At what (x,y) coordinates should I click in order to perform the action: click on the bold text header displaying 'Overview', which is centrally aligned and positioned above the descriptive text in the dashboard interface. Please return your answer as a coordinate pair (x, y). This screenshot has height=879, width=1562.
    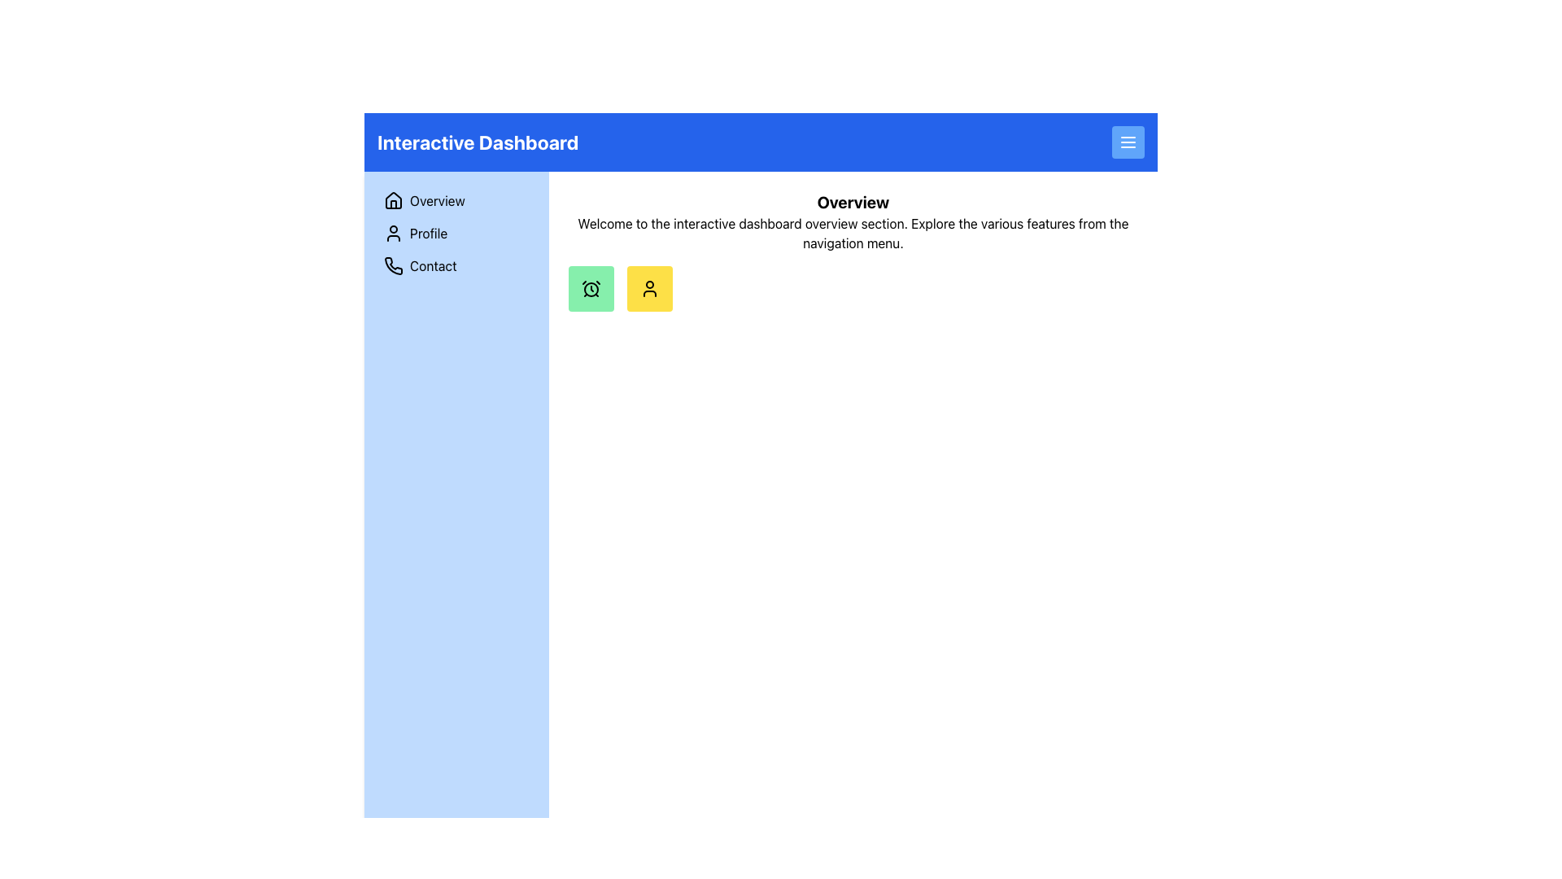
    Looking at the image, I should click on (852, 202).